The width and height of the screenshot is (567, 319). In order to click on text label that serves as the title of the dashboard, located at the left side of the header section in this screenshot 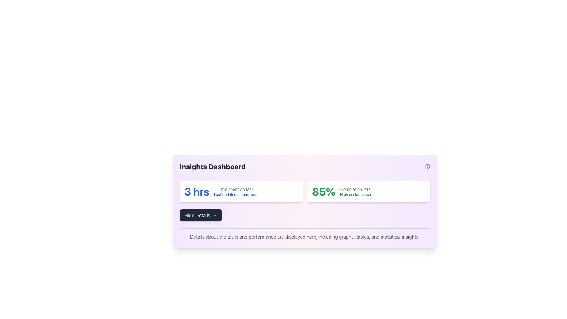, I will do `click(213, 166)`.